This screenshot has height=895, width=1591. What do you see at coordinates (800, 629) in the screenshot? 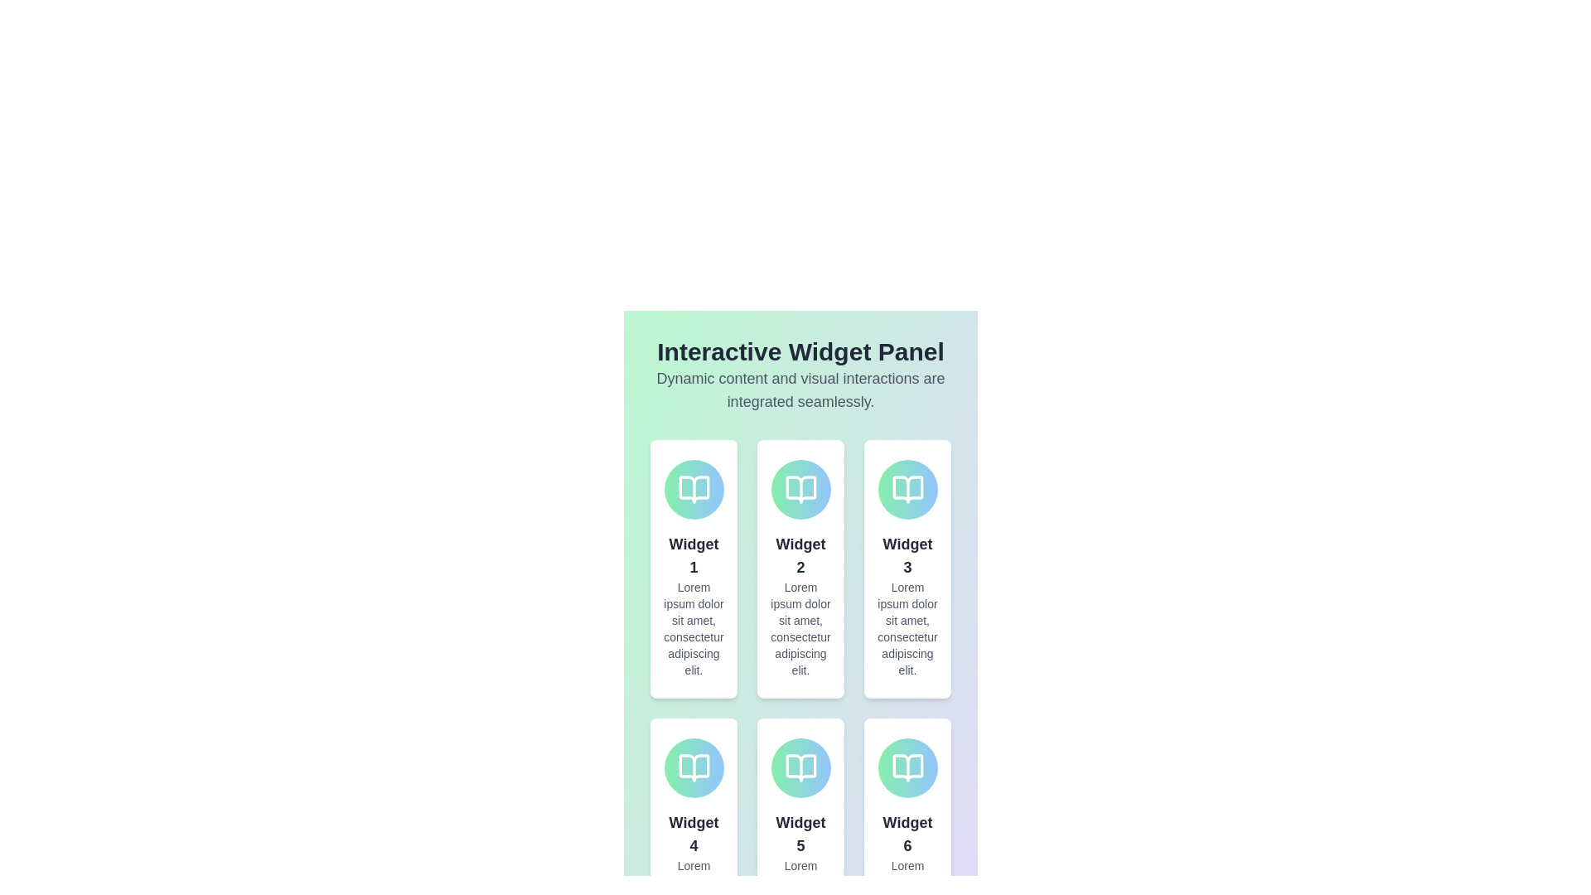
I see `the text block that reads 'Lorem ipsum dolor sit amet, consectetur adipiscing elit.' to trigger a tooltip` at bounding box center [800, 629].